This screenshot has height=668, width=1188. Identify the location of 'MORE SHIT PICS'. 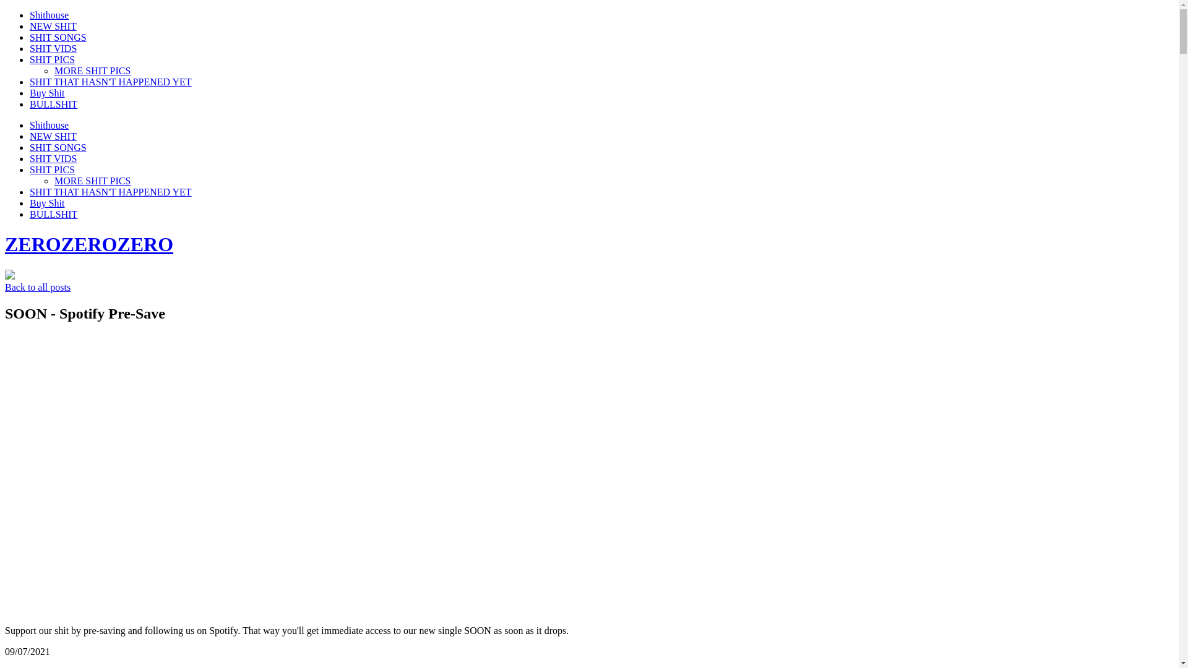
(53, 71).